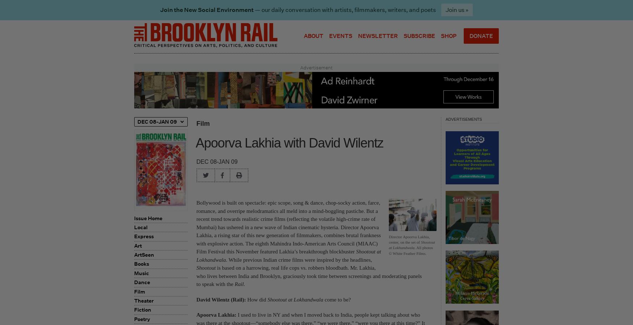 The height and width of the screenshot is (325, 633). I want to click on 'Subscribe', so click(419, 35).